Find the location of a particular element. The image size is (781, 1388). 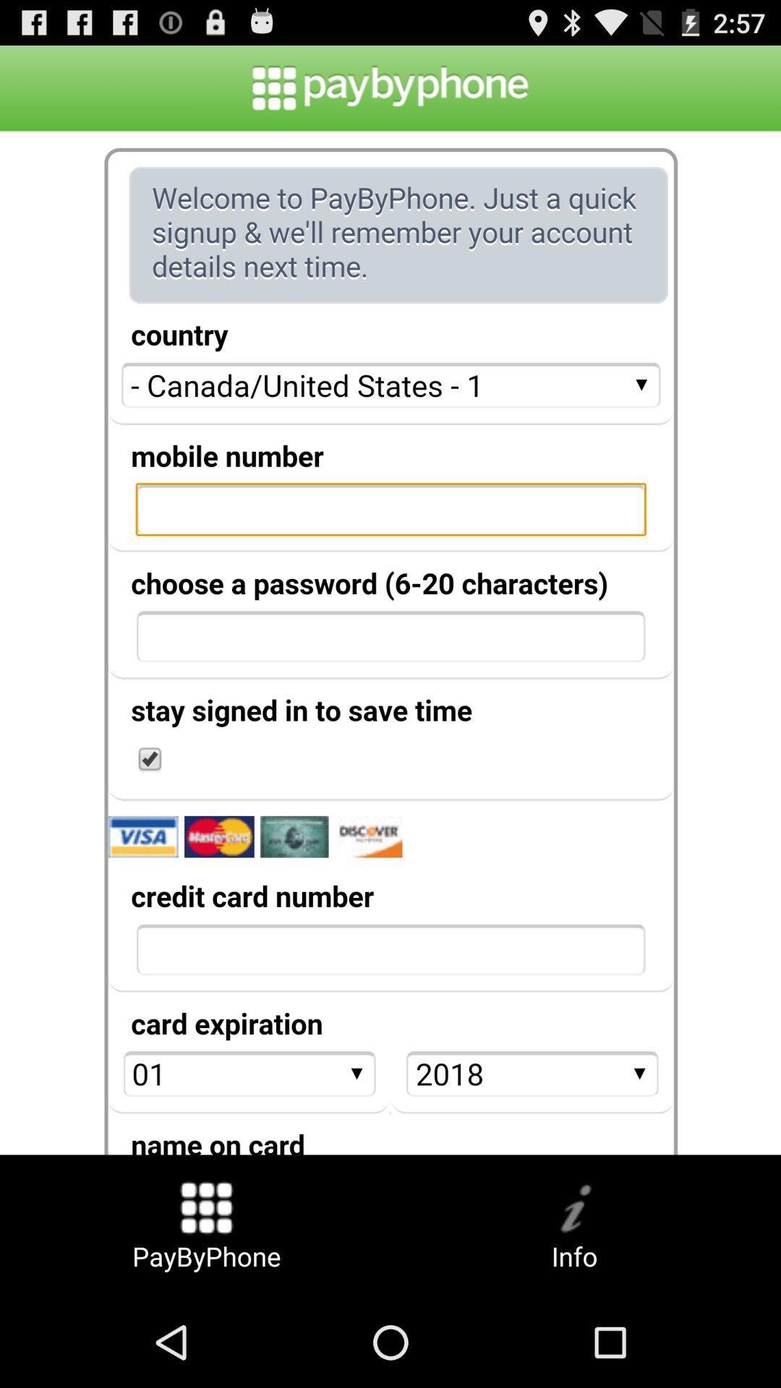

credit card details is located at coordinates (390, 642).